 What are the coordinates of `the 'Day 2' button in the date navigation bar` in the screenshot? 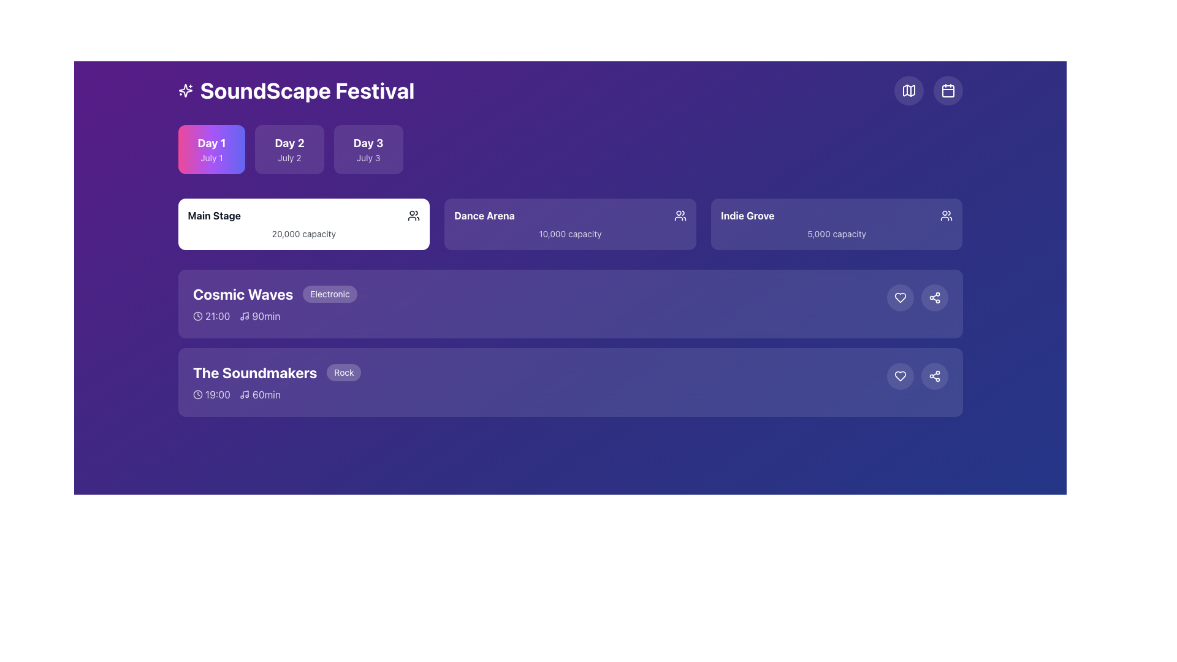 It's located at (289, 148).